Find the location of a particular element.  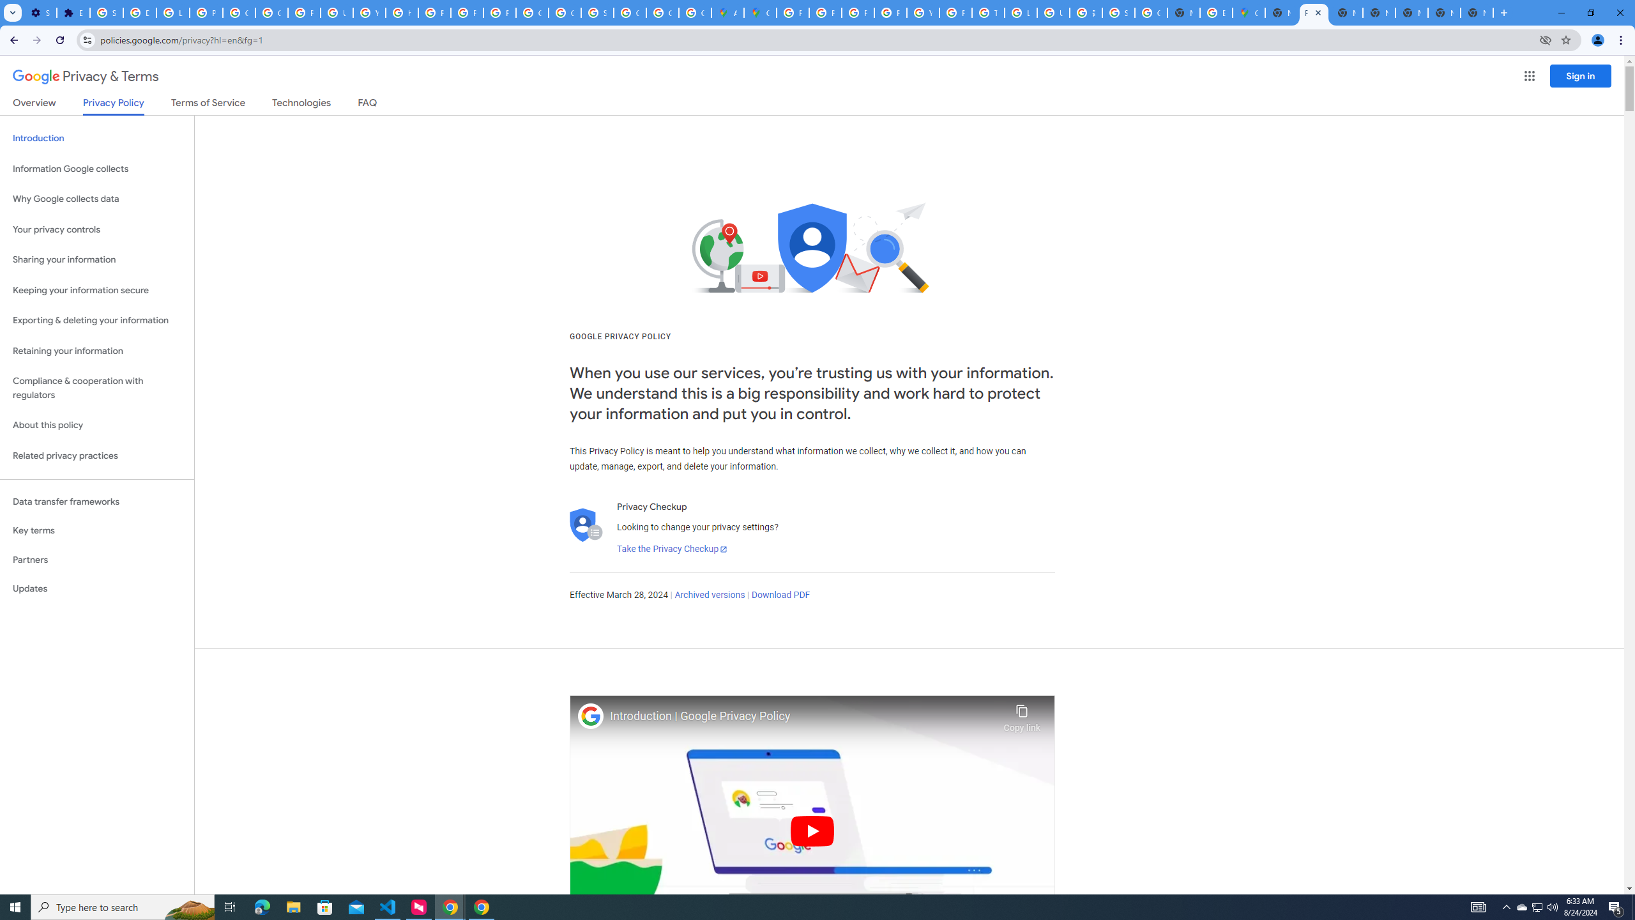

'Compliance & cooperation with regulators' is located at coordinates (96, 388).